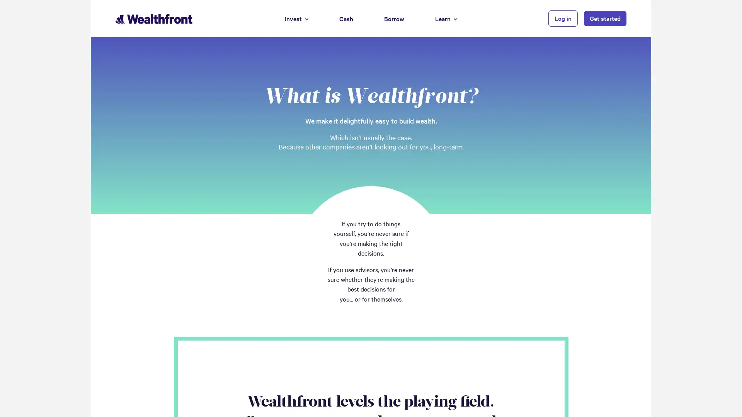  What do you see at coordinates (296, 18) in the screenshot?
I see `Invest` at bounding box center [296, 18].